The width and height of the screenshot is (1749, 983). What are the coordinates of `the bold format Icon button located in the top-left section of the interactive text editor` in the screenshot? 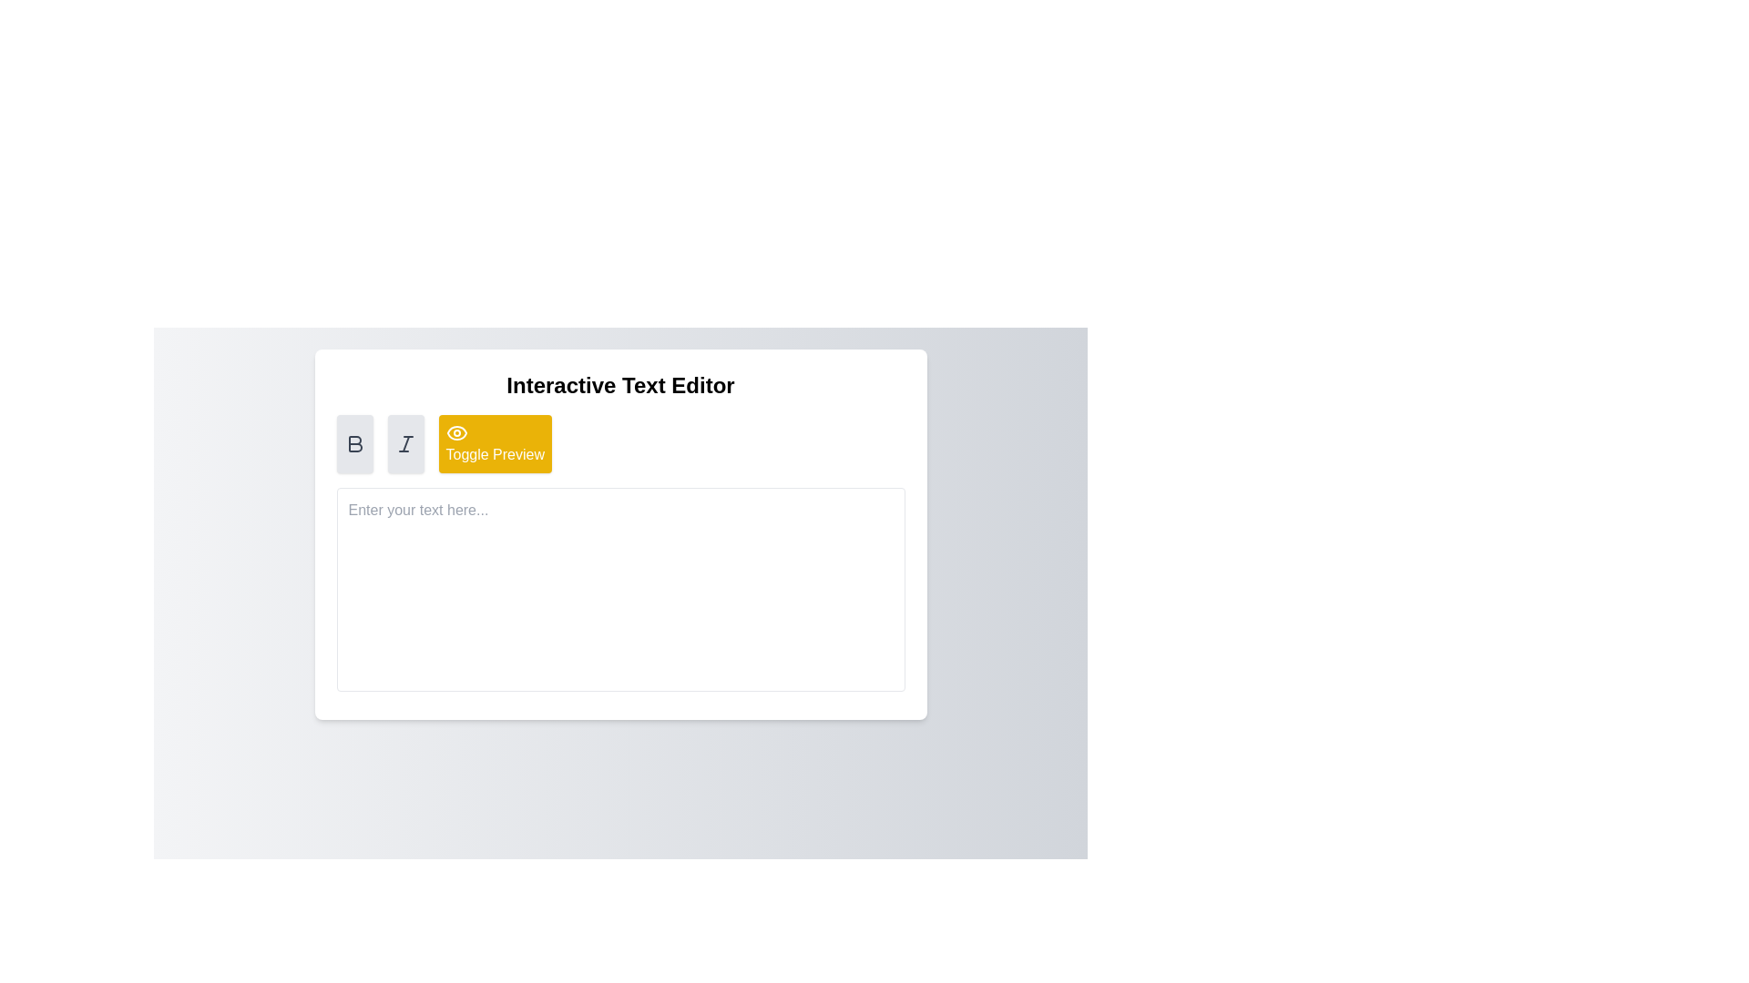 It's located at (354, 444).